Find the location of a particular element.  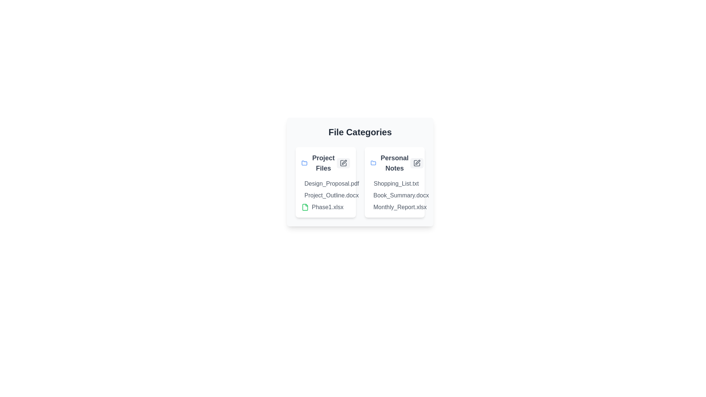

the title 'File Categories' displayed at the top of the component is located at coordinates (360, 132).